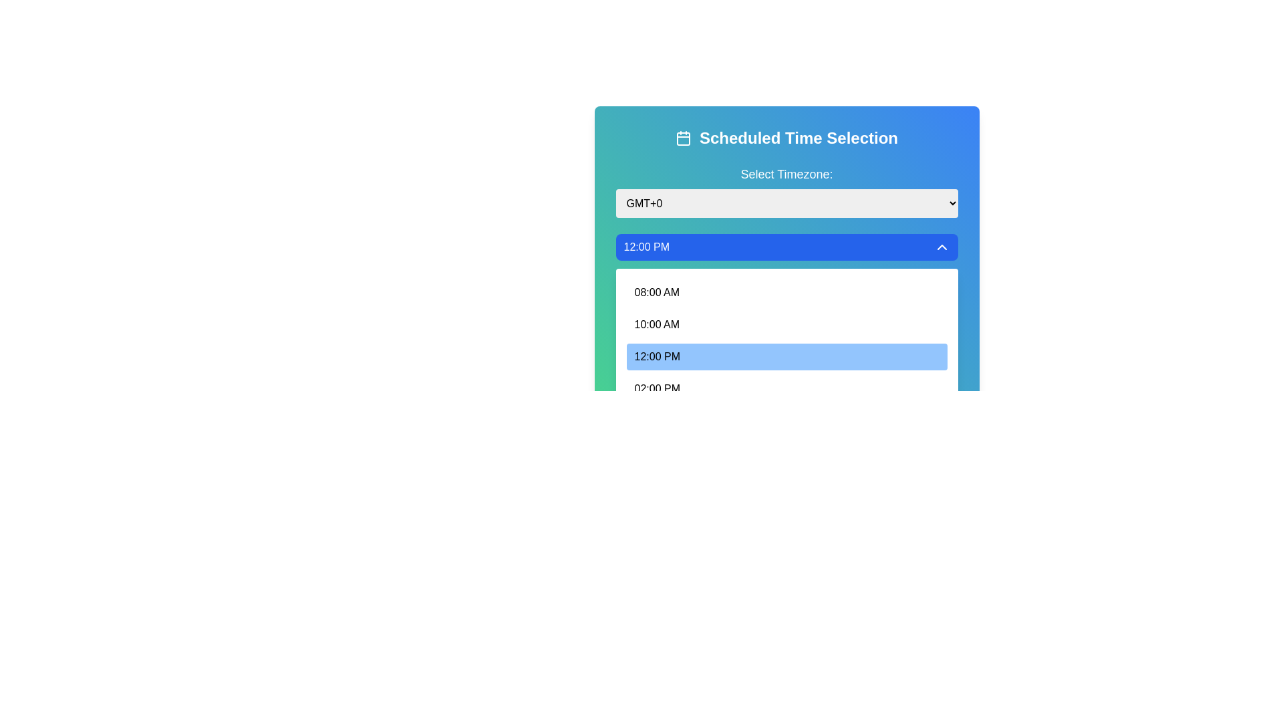 Image resolution: width=1283 pixels, height=722 pixels. What do you see at coordinates (941, 247) in the screenshot?
I see `the upward-pointing chevron icon, which is styled minimally and positioned next to the text '12:00 PM' within a blue gradient background` at bounding box center [941, 247].